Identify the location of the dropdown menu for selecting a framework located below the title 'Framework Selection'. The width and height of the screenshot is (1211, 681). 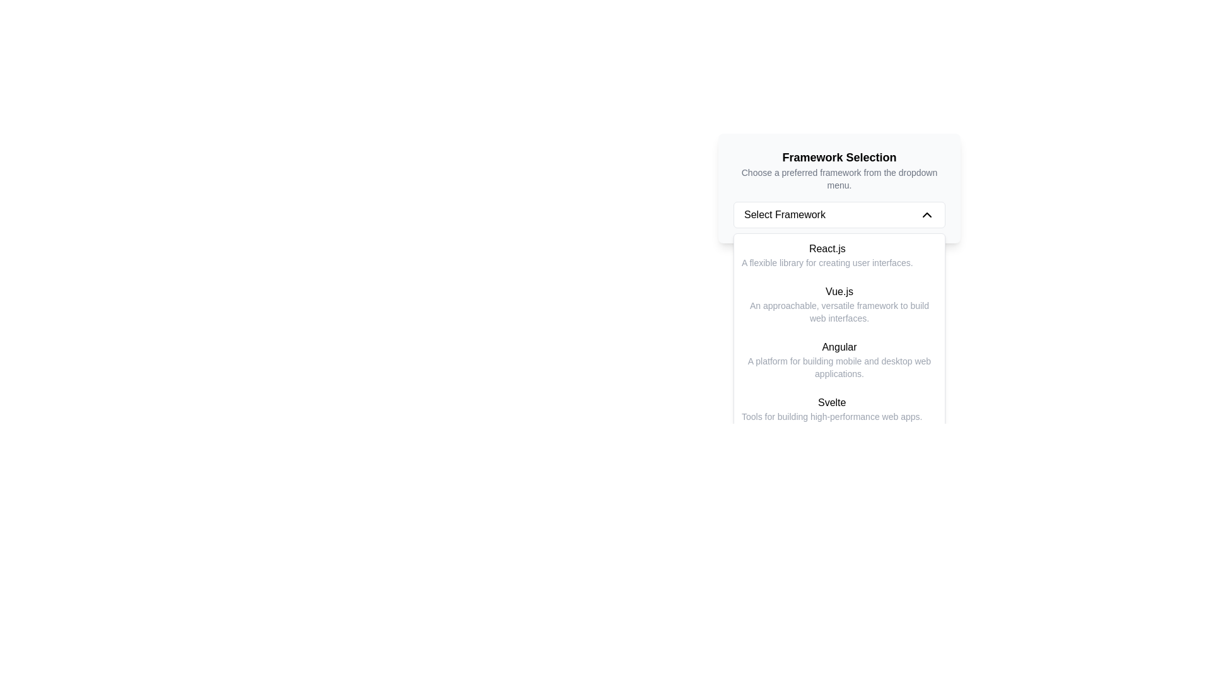
(839, 214).